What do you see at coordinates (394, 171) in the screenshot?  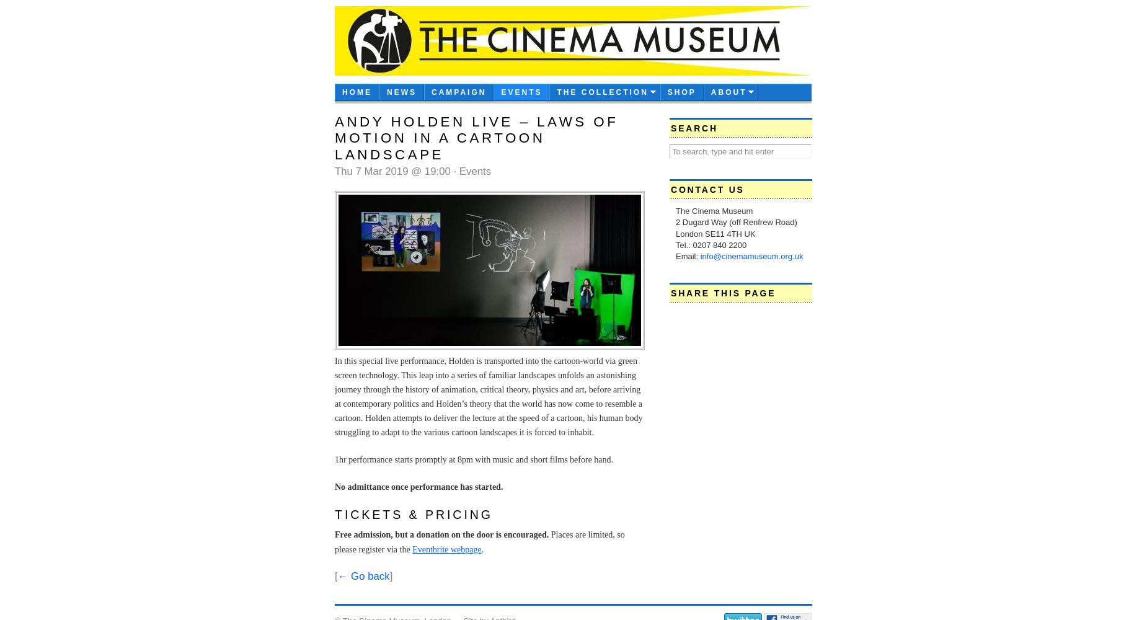 I see `'Thu 7 Mar 2019 @ 19:00'` at bounding box center [394, 171].